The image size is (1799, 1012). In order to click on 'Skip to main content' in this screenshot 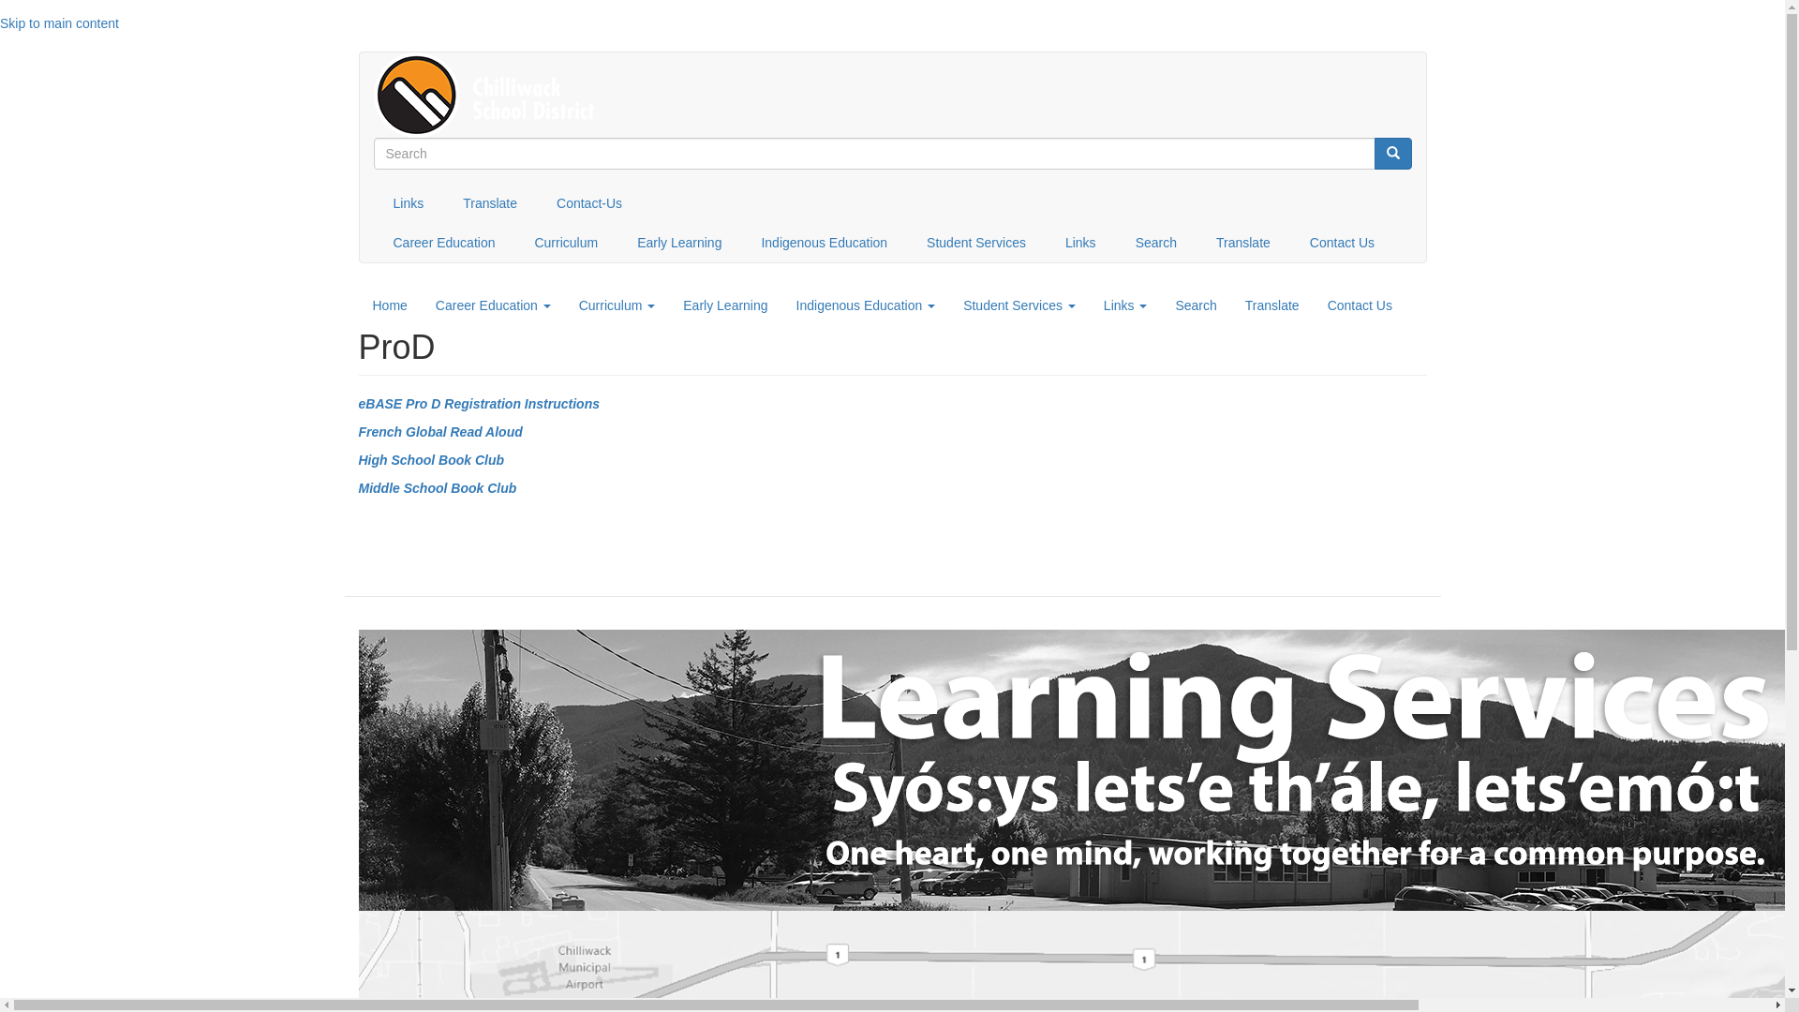, I will do `click(59, 22)`.